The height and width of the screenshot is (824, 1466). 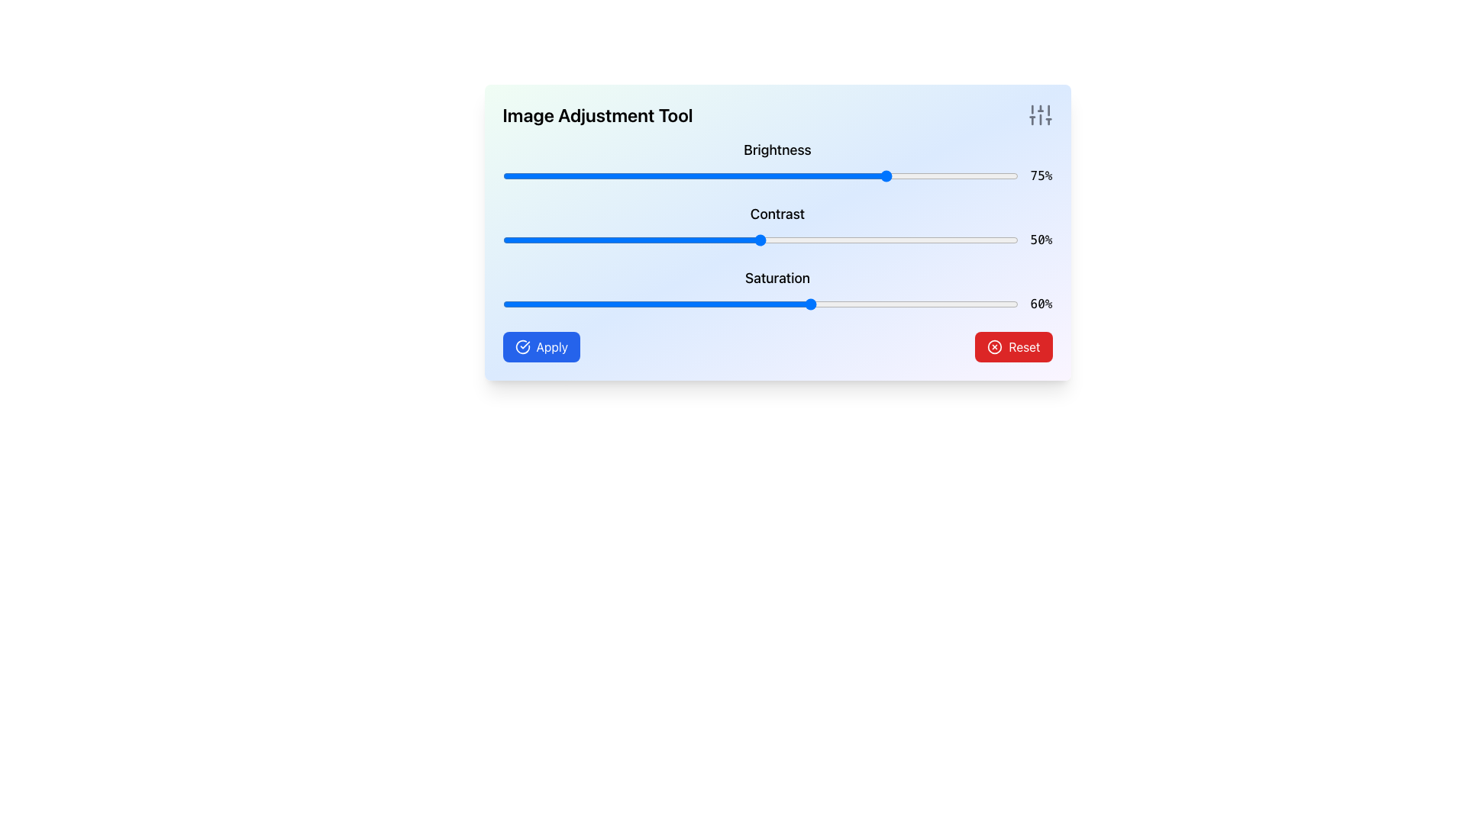 What do you see at coordinates (760, 175) in the screenshot?
I see `the horizontal range slider with a gradient background to set a specific value, located near the text 'Brightness' and '75%'` at bounding box center [760, 175].